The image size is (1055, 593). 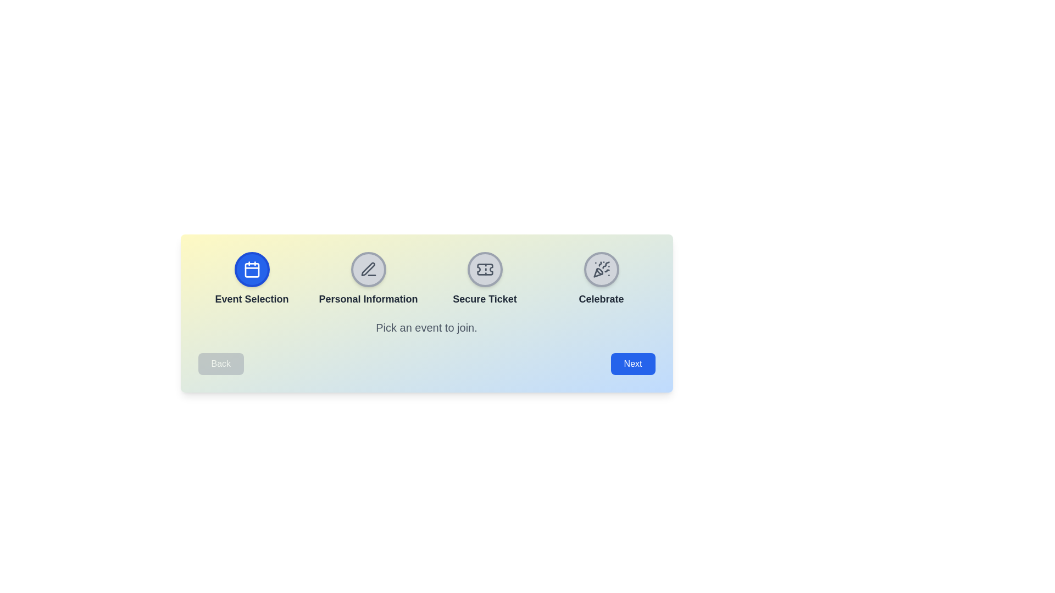 I want to click on the step indicator for Secure Ticket to display its information, so click(x=484, y=269).